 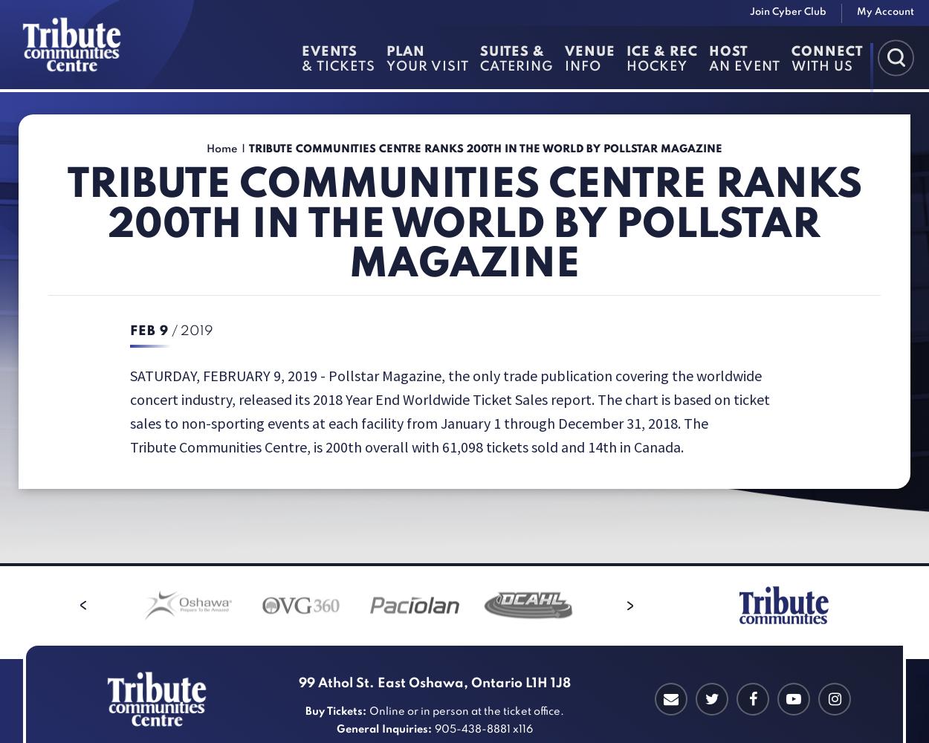 What do you see at coordinates (368, 710) in the screenshot?
I see `'Online or in person at the ticket office.'` at bounding box center [368, 710].